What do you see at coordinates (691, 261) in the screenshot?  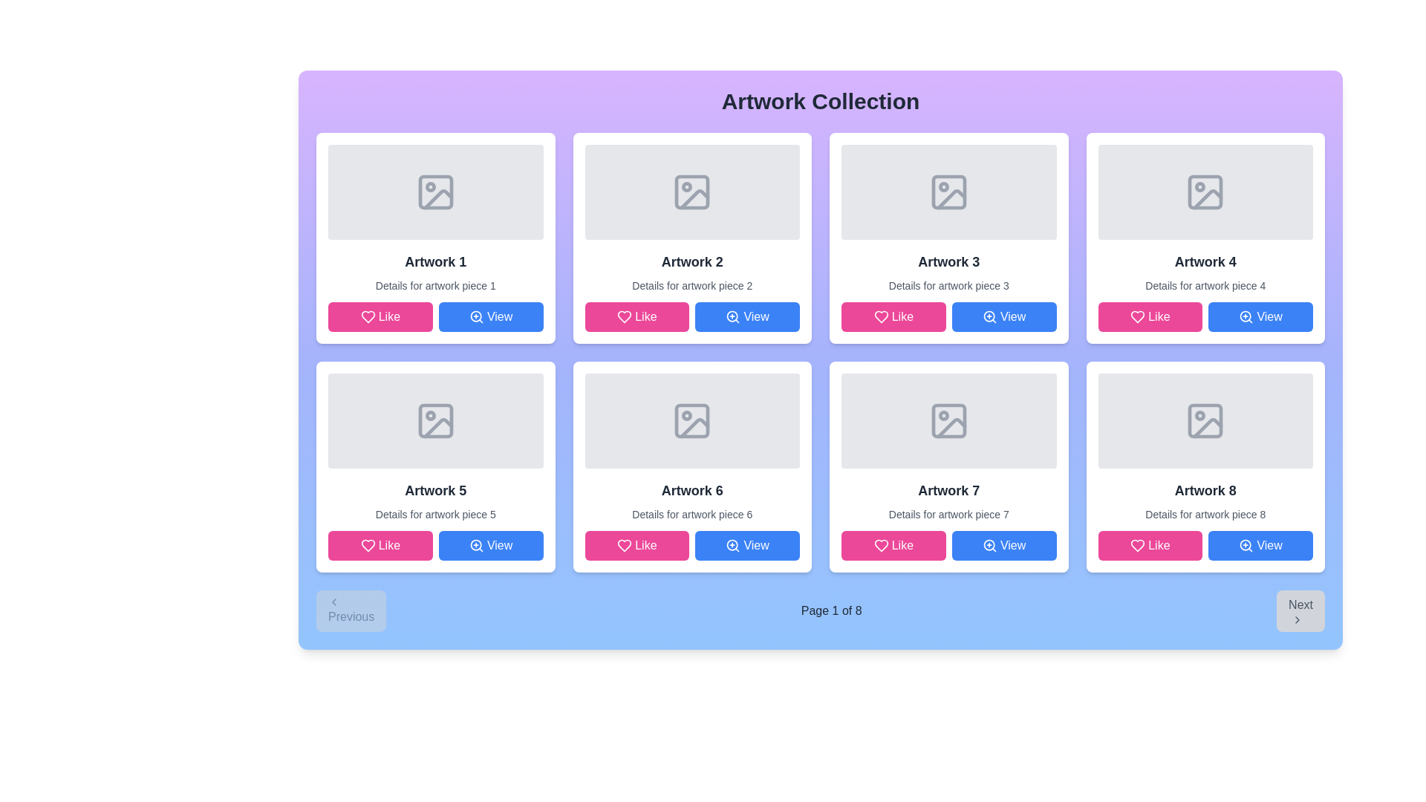 I see `the text label that serves as the main title for the artwork piece on the second card in the first row of the grid layout` at bounding box center [691, 261].